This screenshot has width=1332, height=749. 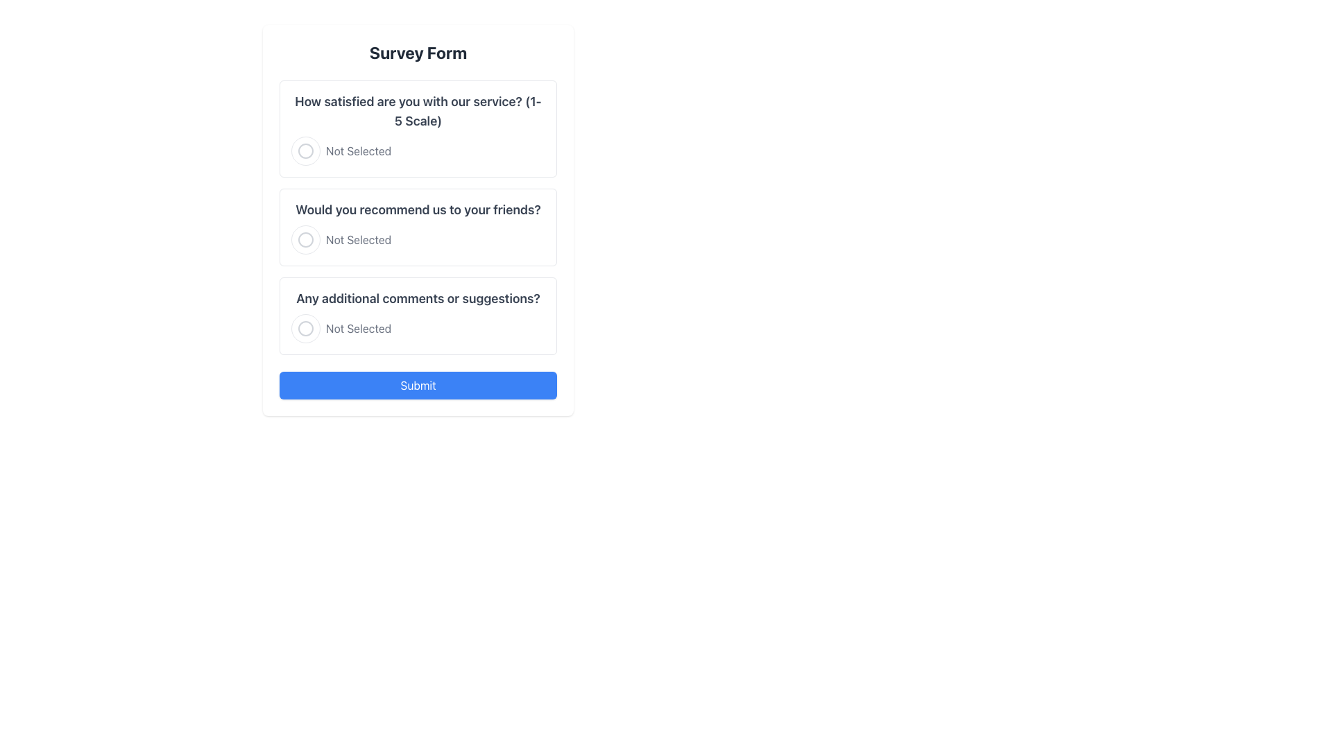 I want to click on the unselected radio button for the survey question 'How satisfied are you with our service? (1-5 Scale)' to indicate that the option has not been chosen, so click(x=418, y=151).